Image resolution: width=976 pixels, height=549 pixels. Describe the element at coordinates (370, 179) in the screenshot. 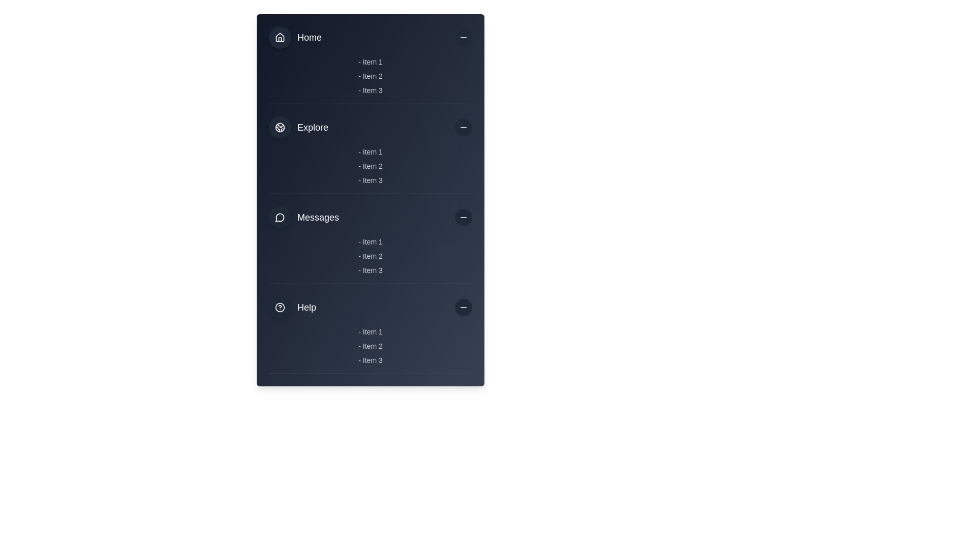

I see `the static text label displaying '- Item 3' which is part of the submenu under the 'Explore' section` at that location.